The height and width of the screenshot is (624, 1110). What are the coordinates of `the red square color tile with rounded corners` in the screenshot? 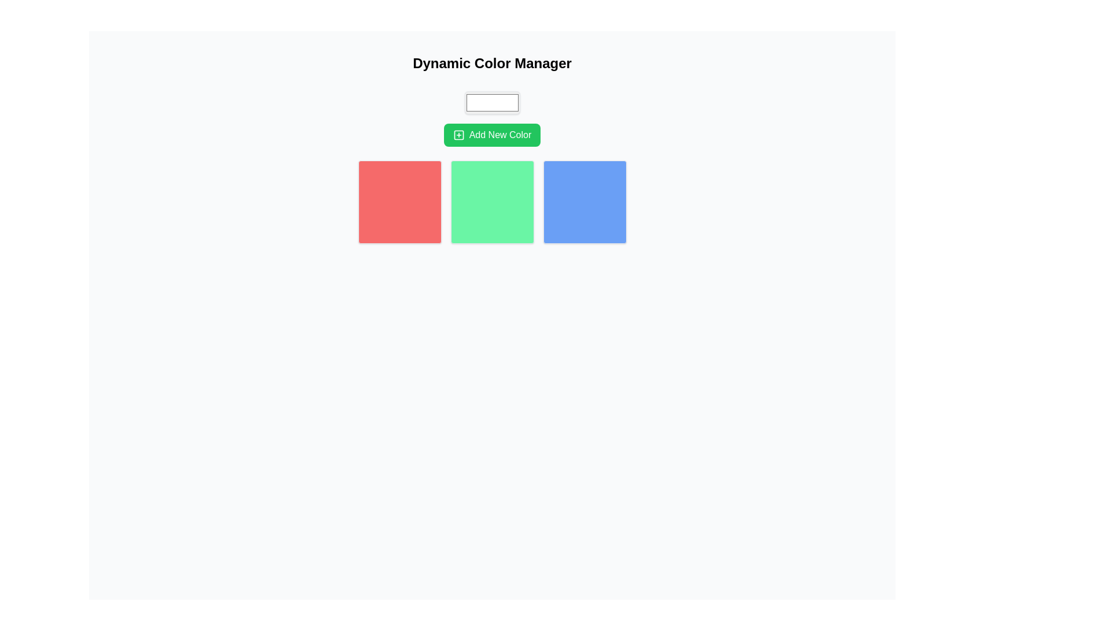 It's located at (399, 202).